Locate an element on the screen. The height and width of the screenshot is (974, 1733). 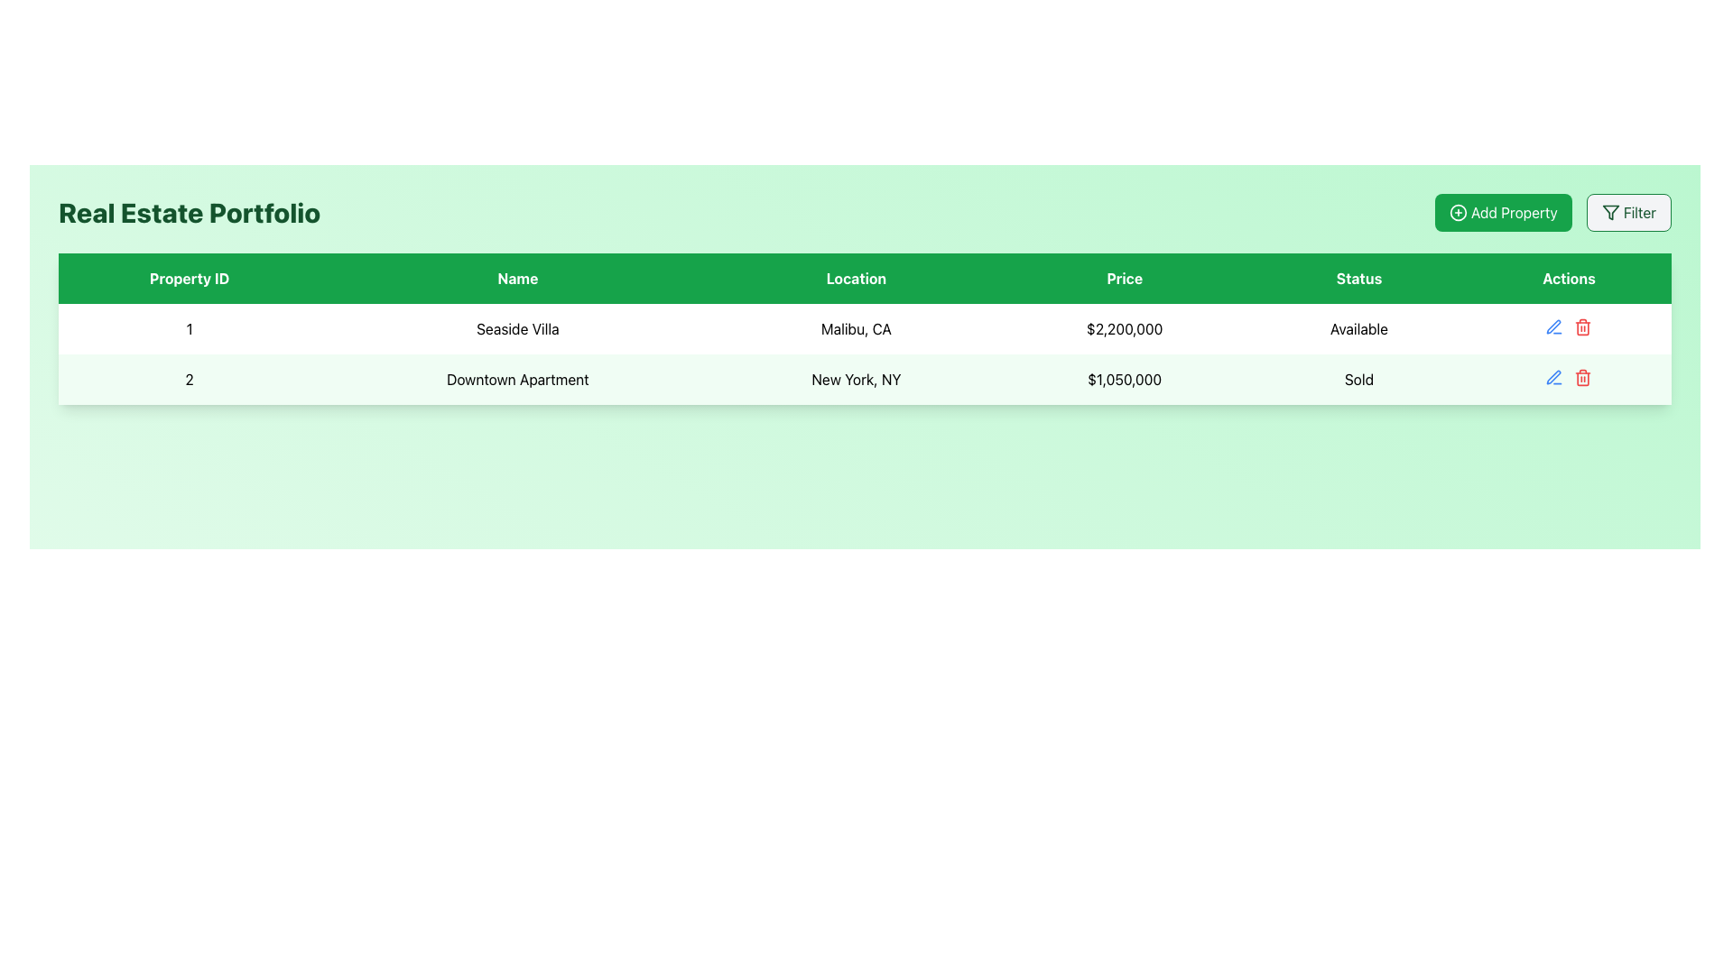
the icon that represents filtering actions, located to the left of the 'Filter' text within a rounded button at the top-right section of the interface is located at coordinates (1610, 211).